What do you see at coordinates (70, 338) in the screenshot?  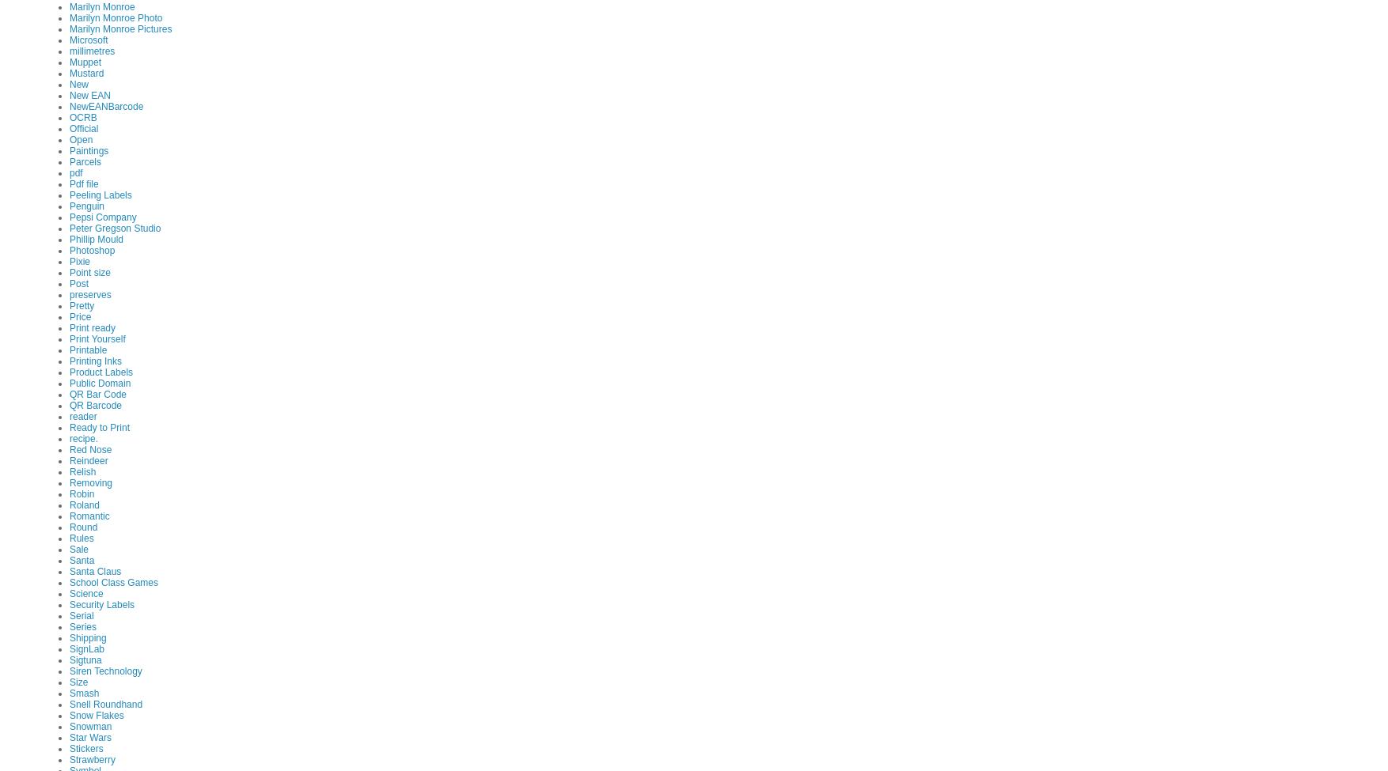 I see `'Print Yourself'` at bounding box center [70, 338].